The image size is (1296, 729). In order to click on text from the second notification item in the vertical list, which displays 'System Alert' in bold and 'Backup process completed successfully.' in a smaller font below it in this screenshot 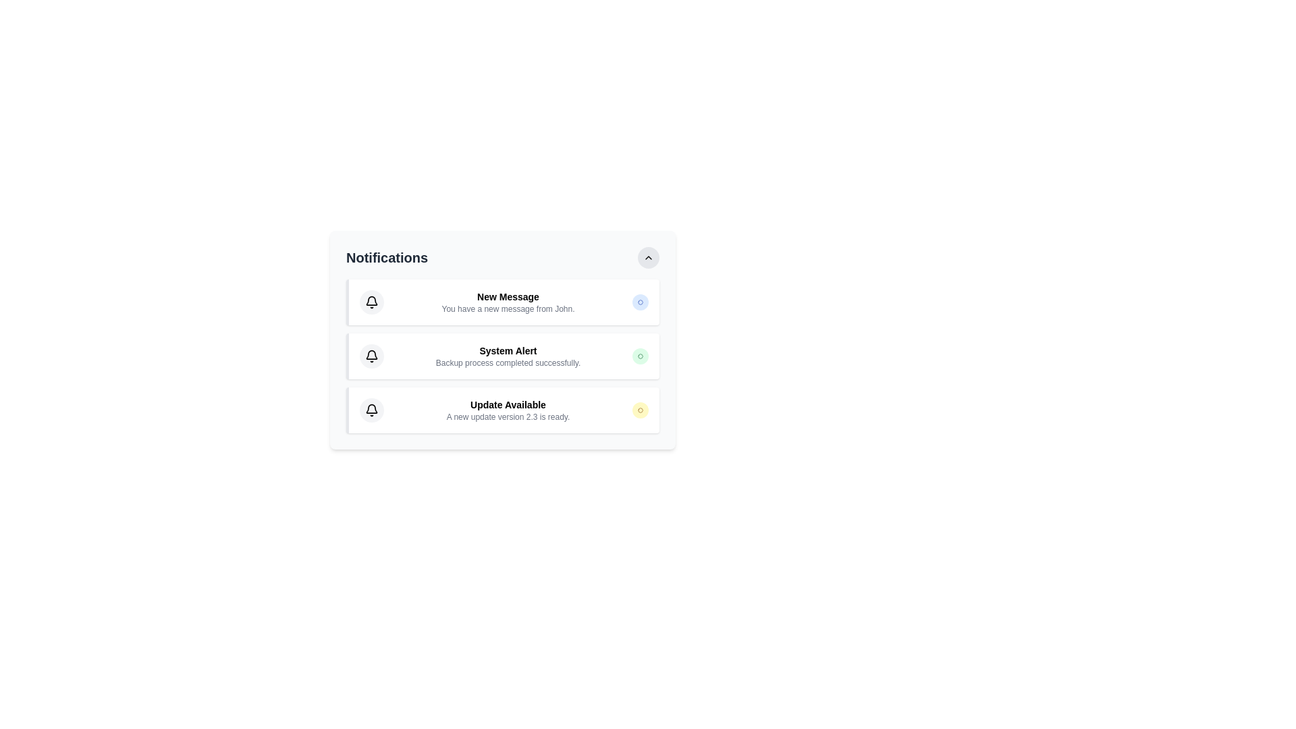, I will do `click(508, 356)`.